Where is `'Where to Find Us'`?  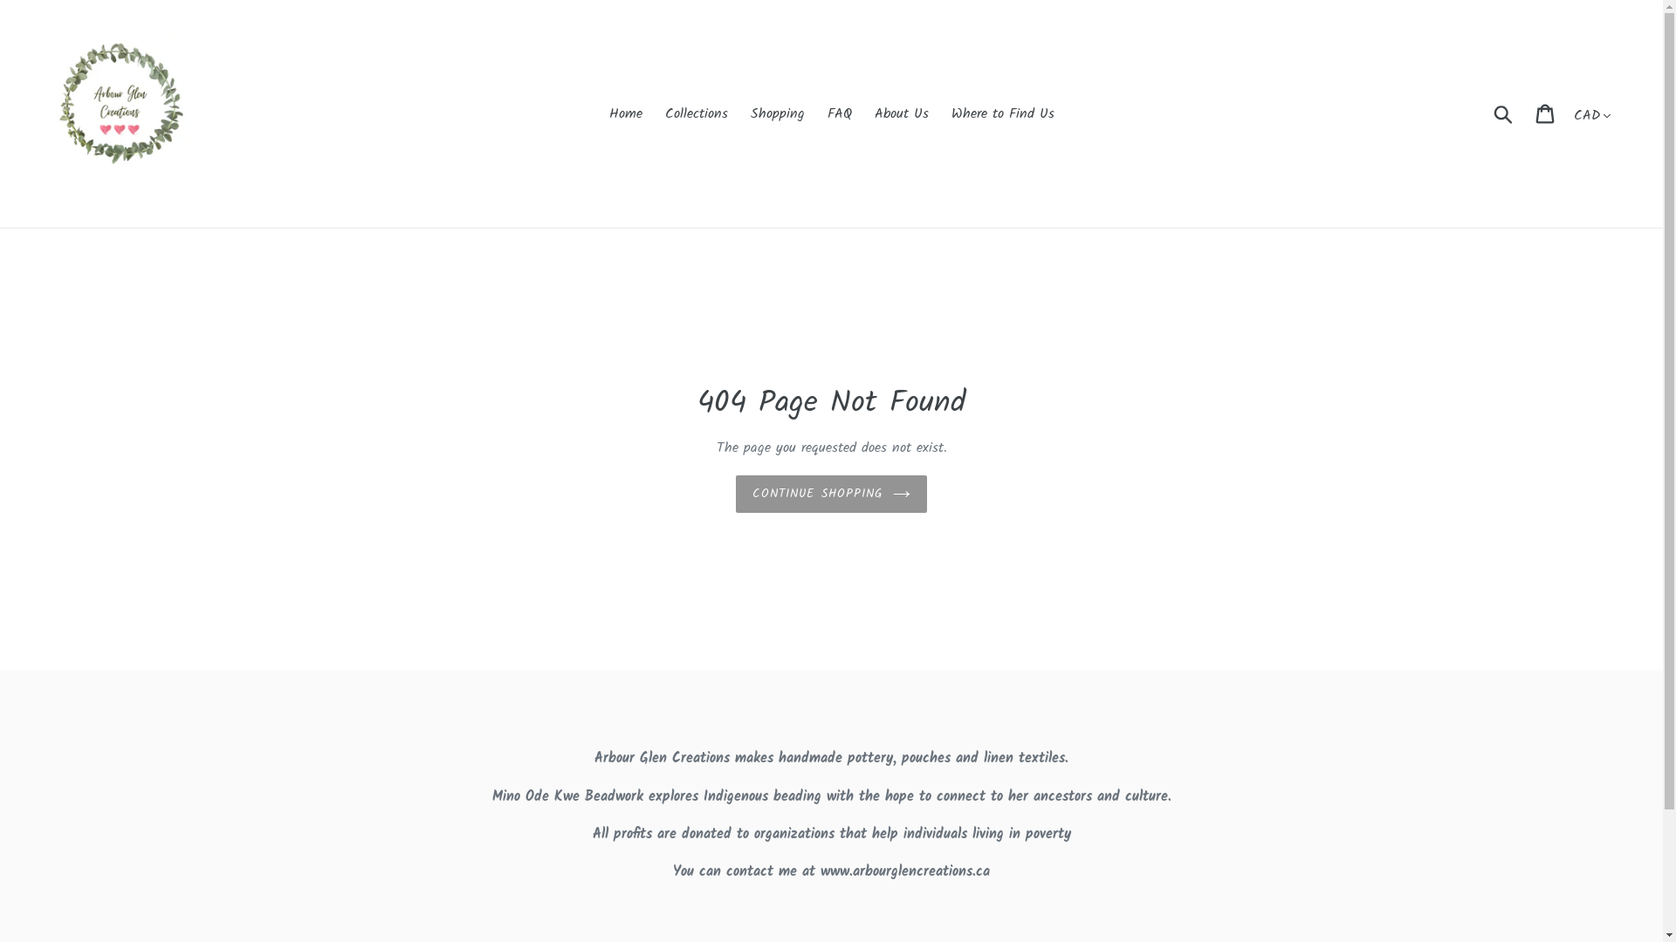
'Where to Find Us' is located at coordinates (1002, 114).